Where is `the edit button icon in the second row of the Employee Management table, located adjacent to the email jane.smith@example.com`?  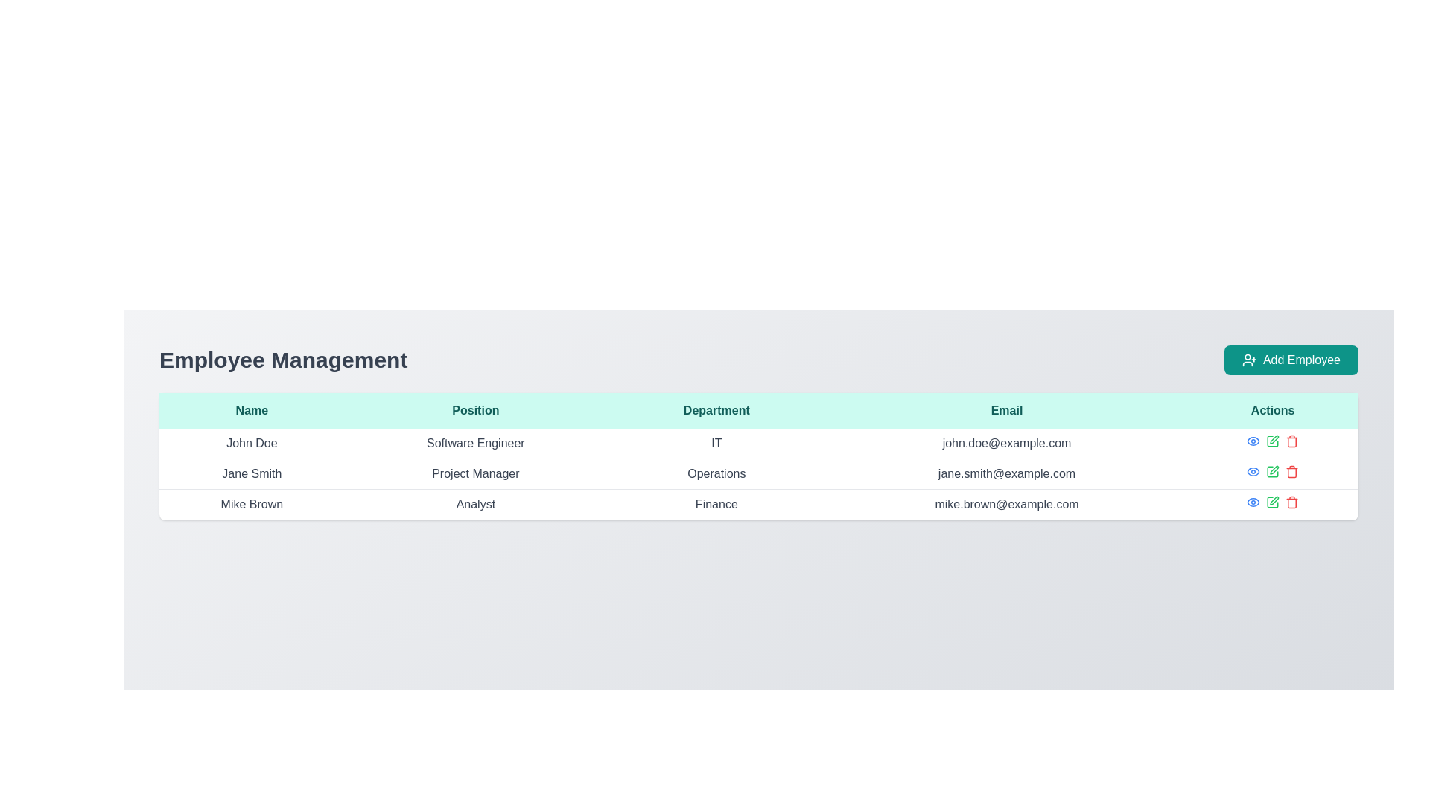
the edit button icon in the second row of the Employee Management table, located adjacent to the email jane.smith@example.com is located at coordinates (1273, 470).